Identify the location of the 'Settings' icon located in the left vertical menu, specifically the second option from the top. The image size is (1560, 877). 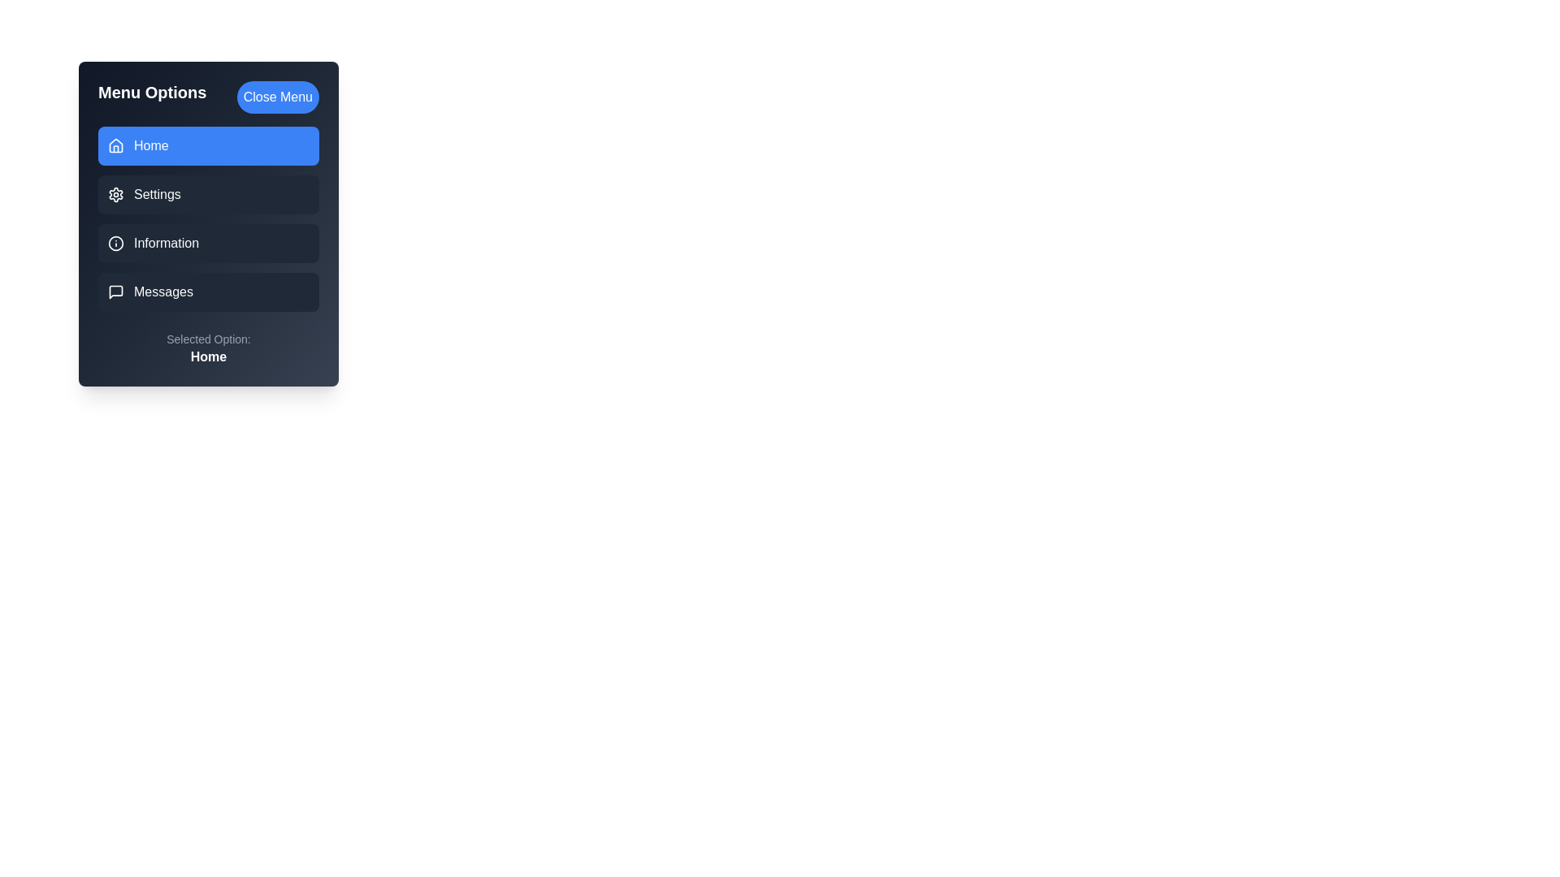
(115, 193).